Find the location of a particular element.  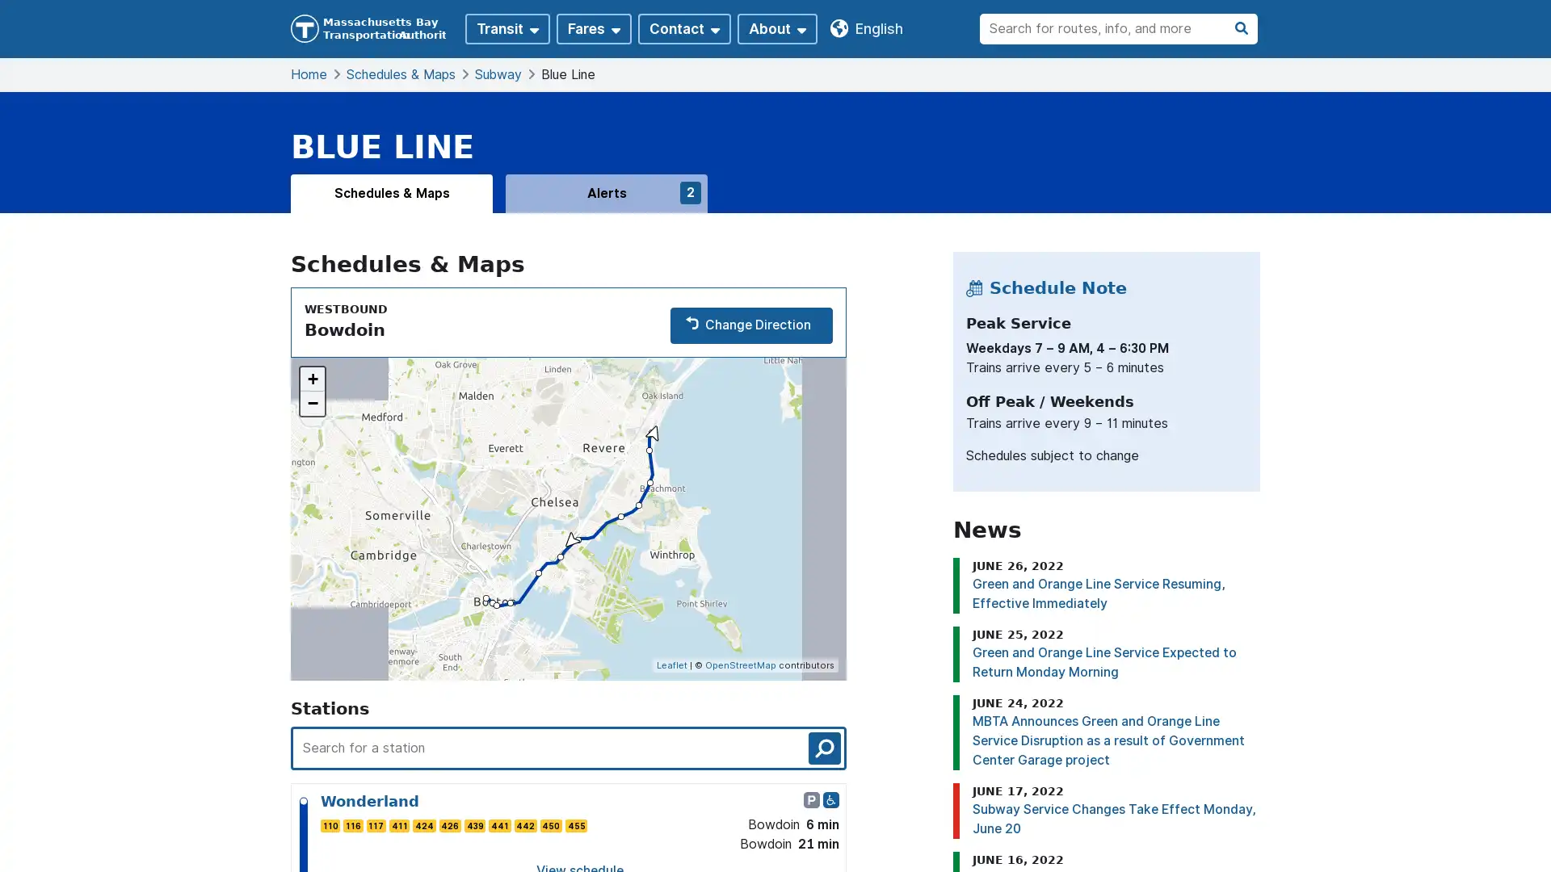

Zoom out is located at coordinates (313, 401).